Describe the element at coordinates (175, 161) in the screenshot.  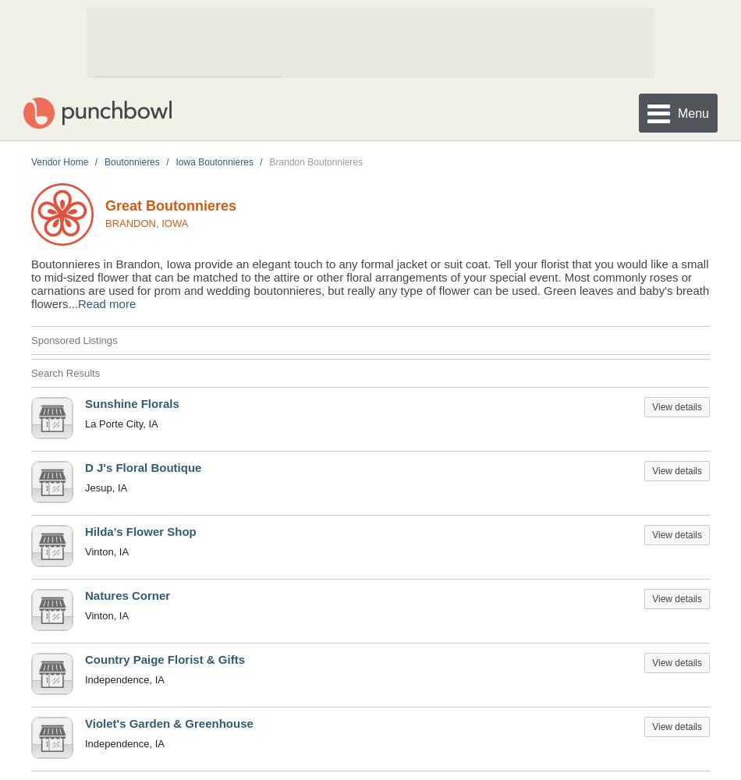
I see `'Iowa Boutonnieres'` at that location.